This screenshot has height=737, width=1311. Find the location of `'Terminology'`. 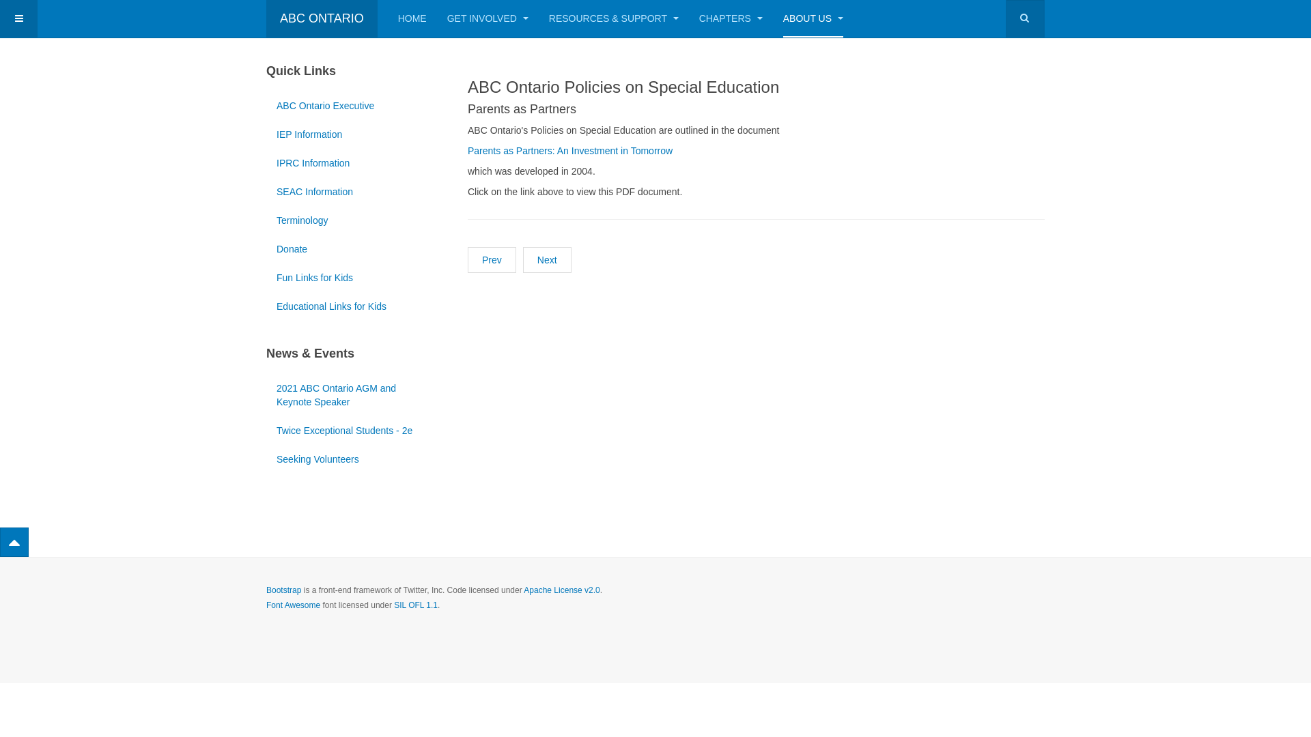

'Terminology' is located at coordinates (353, 220).